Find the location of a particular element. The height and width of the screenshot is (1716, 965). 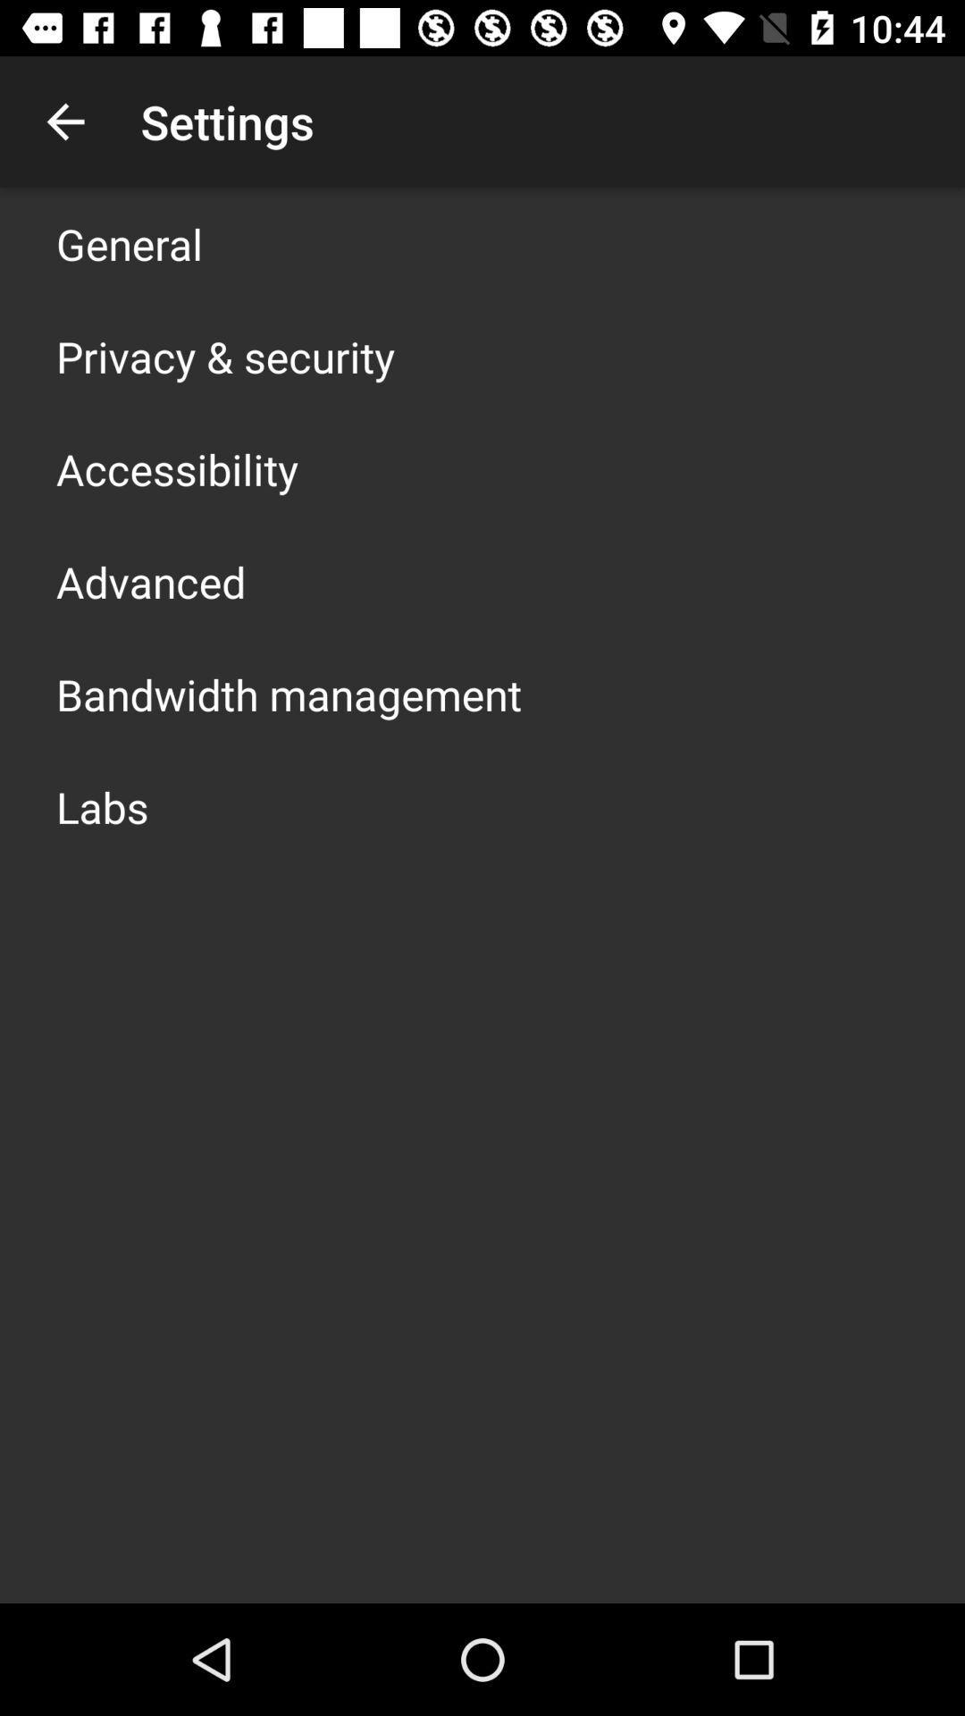

the icon below bandwidth management item is located at coordinates (102, 805).